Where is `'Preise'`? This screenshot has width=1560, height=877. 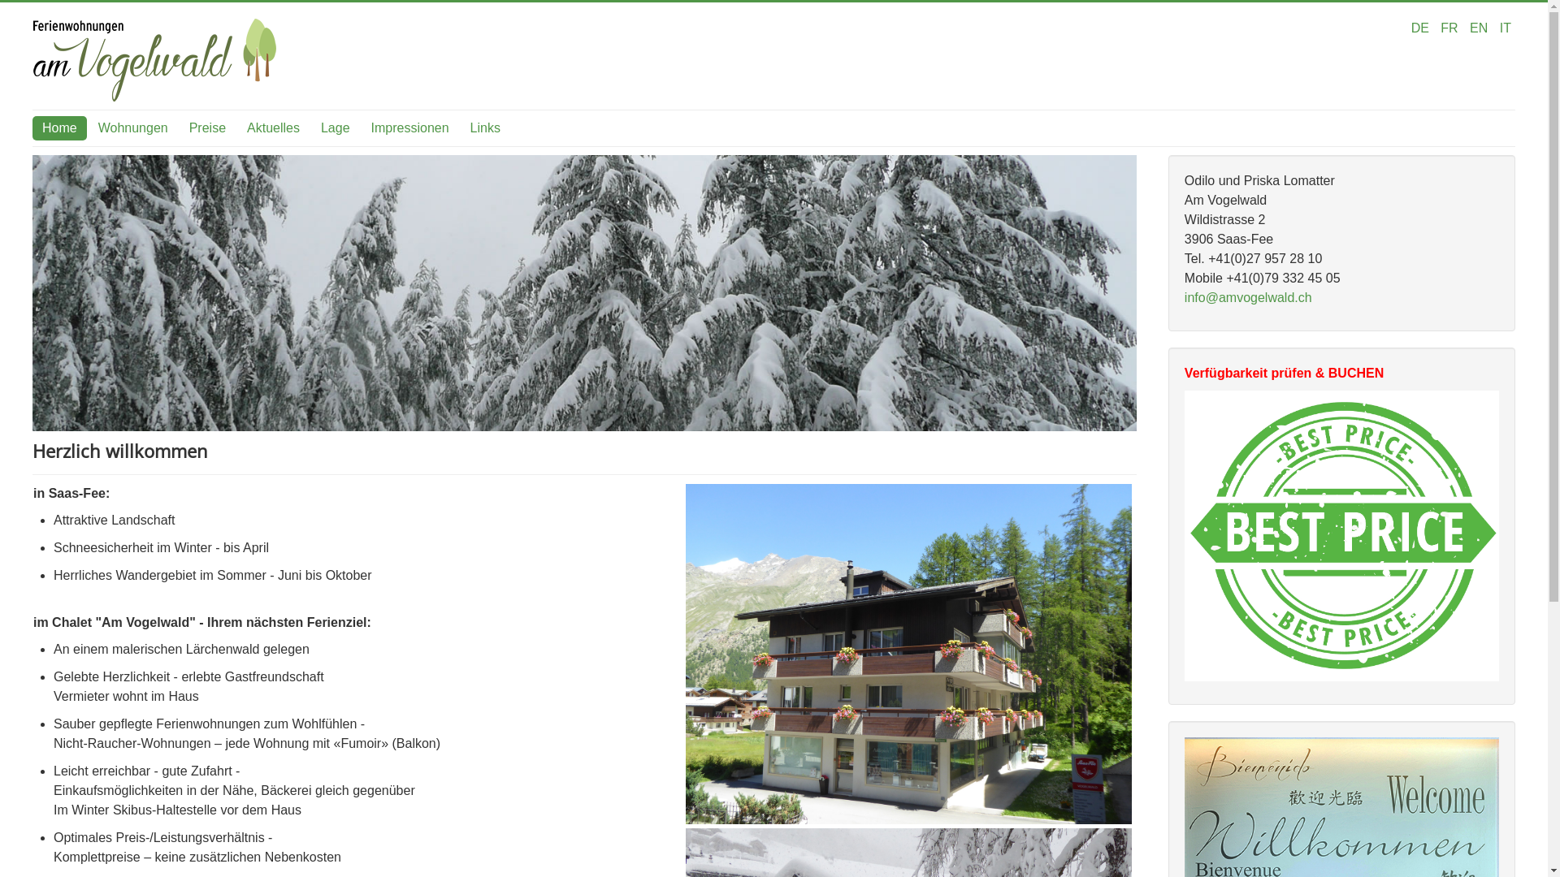
'Preise' is located at coordinates (206, 127).